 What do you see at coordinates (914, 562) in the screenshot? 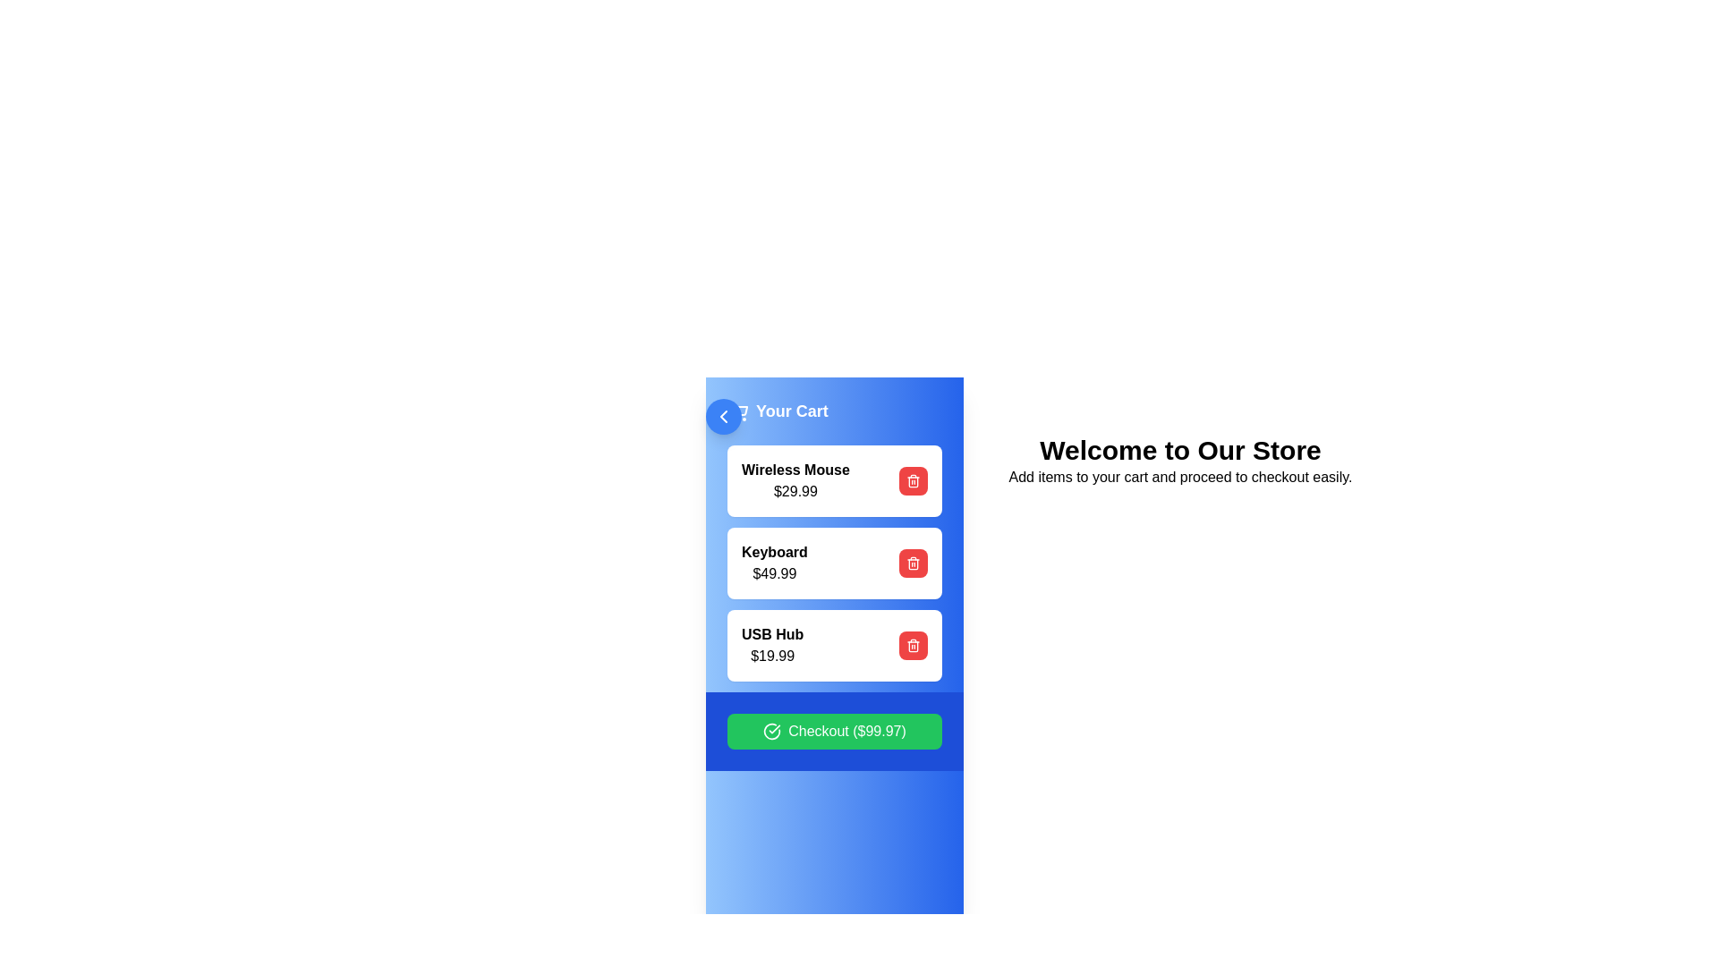
I see `the button with a trash can icon on a red background to initiate item deletion` at bounding box center [914, 562].